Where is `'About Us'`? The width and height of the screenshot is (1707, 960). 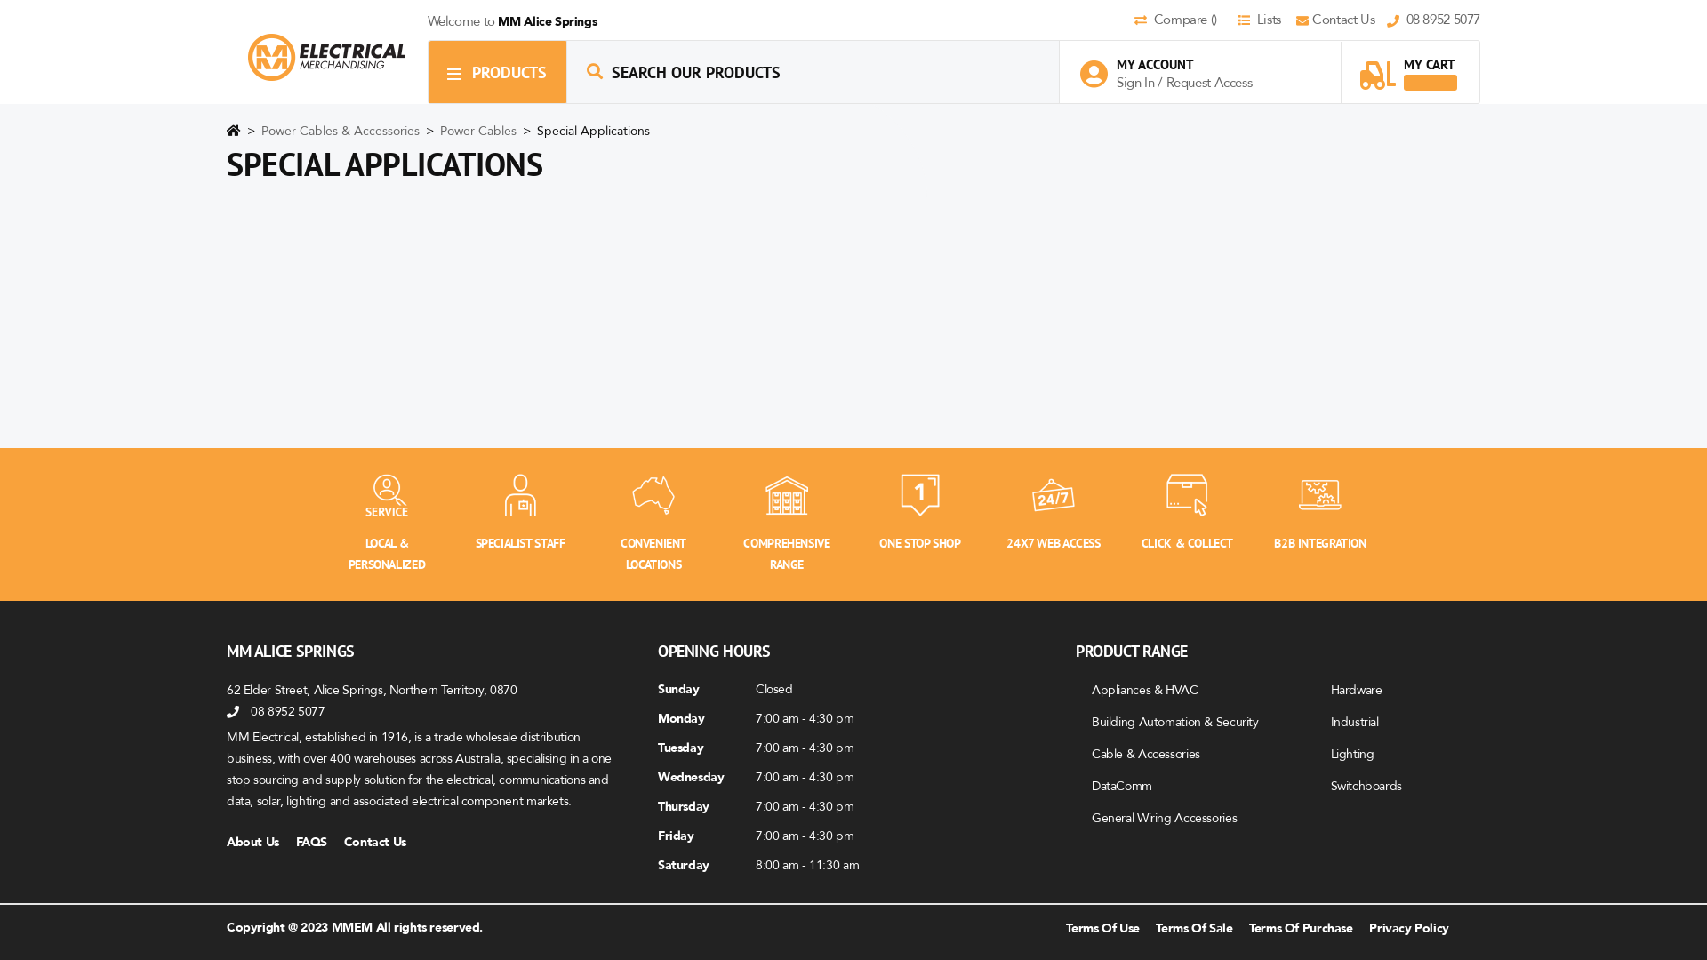
'About Us' is located at coordinates (225, 841).